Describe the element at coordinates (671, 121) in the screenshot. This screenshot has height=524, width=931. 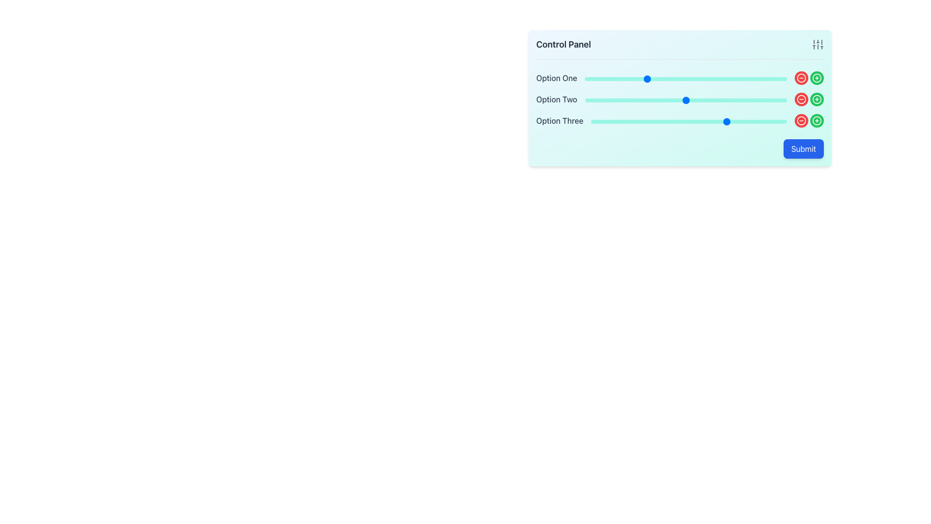
I see `the slider value` at that location.